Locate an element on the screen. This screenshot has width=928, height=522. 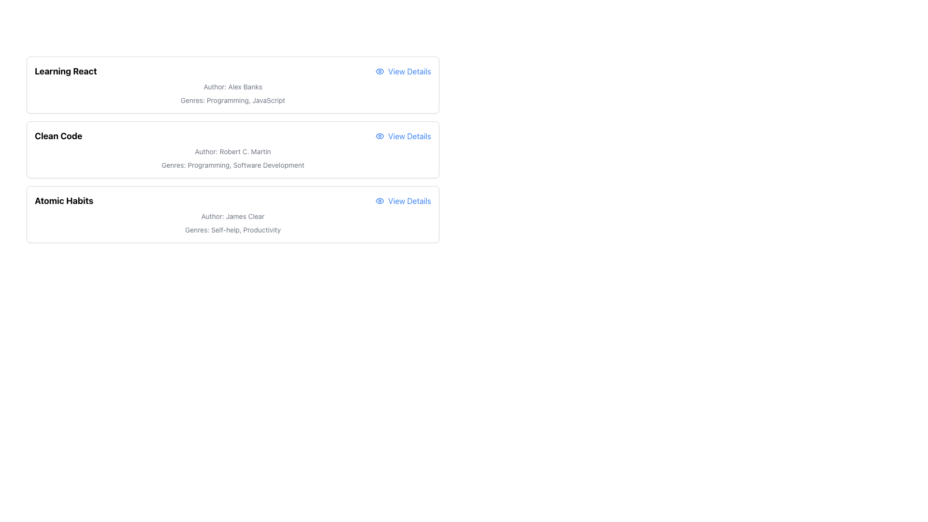
the title text element 'Clean Code', which is located under 'Learning React' and above 'Atomic Habits' in the second section of the vertical list layout is located at coordinates (58, 136).